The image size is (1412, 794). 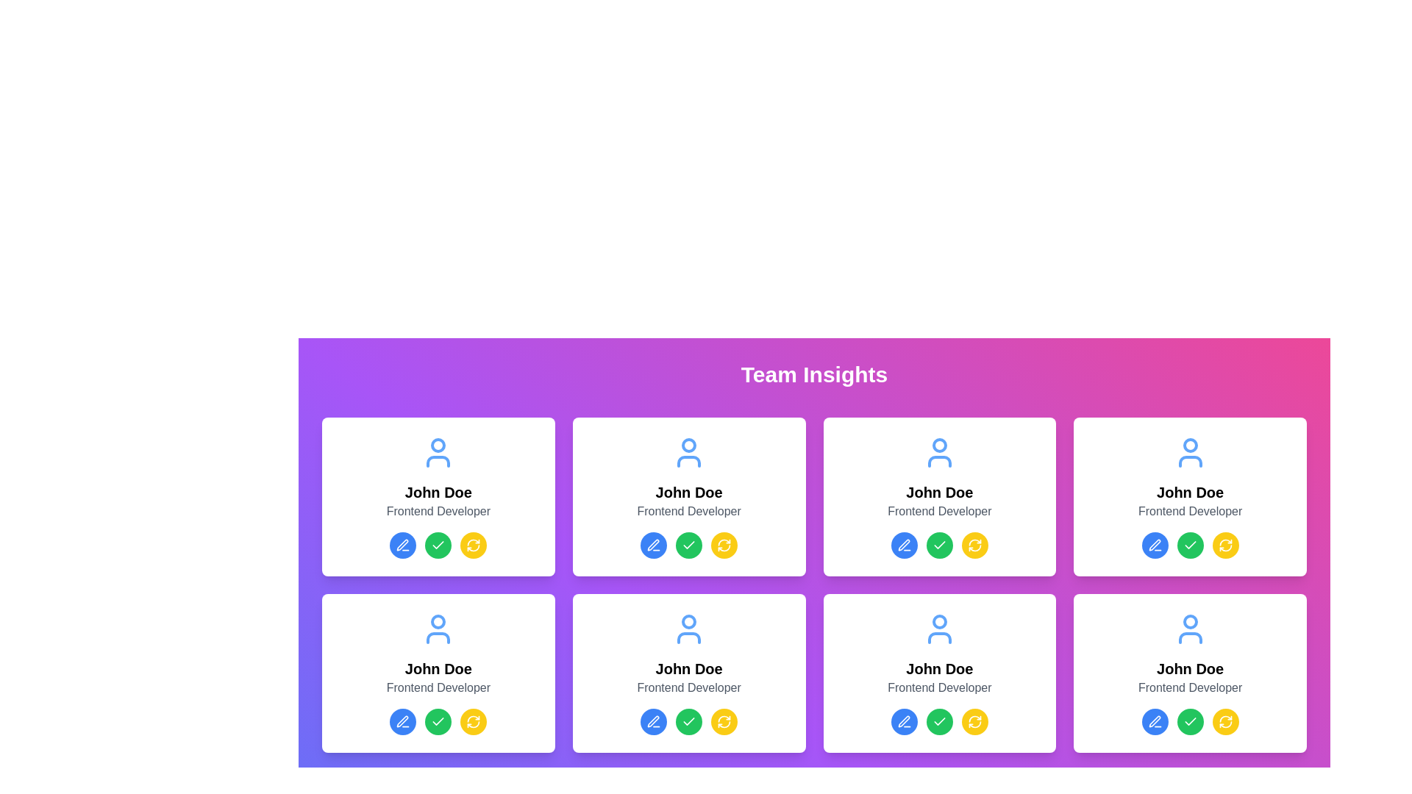 I want to click on the edit button located in the first card of the second row in the grid layout, which is part of a group of three circular buttons under the card's text content, so click(x=653, y=545).